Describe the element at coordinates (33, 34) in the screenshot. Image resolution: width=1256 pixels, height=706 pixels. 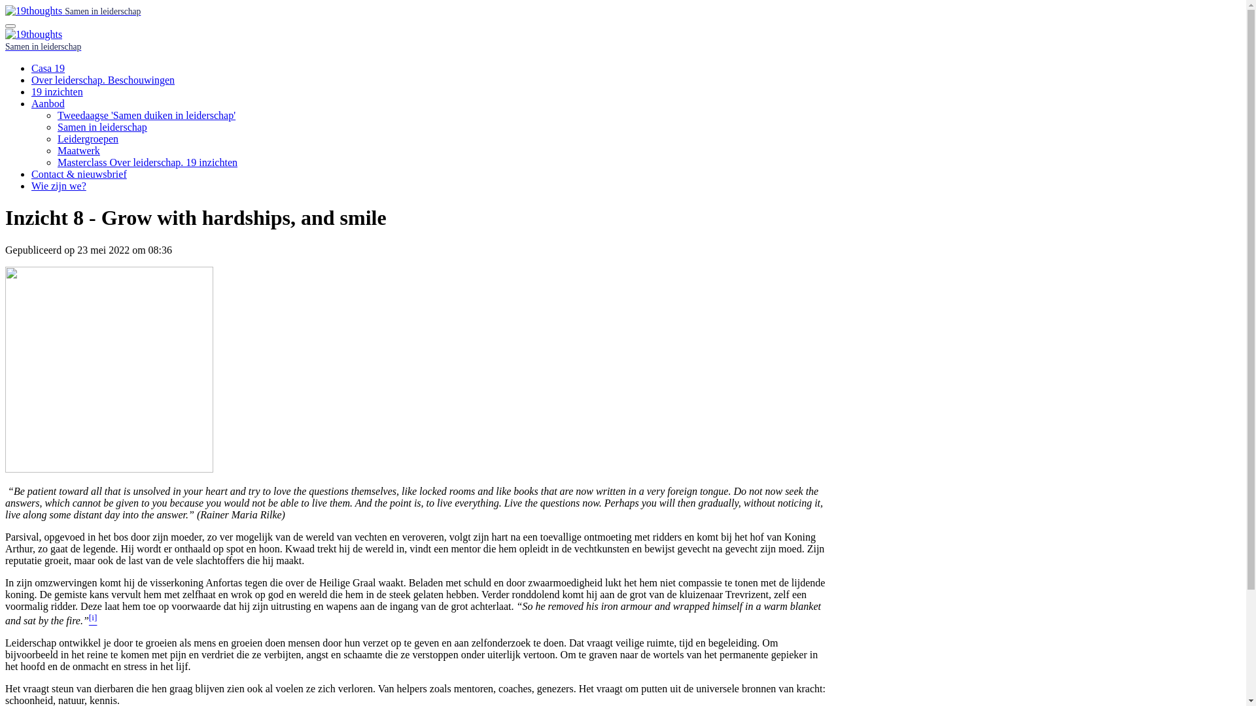
I see `'19thoughts'` at that location.